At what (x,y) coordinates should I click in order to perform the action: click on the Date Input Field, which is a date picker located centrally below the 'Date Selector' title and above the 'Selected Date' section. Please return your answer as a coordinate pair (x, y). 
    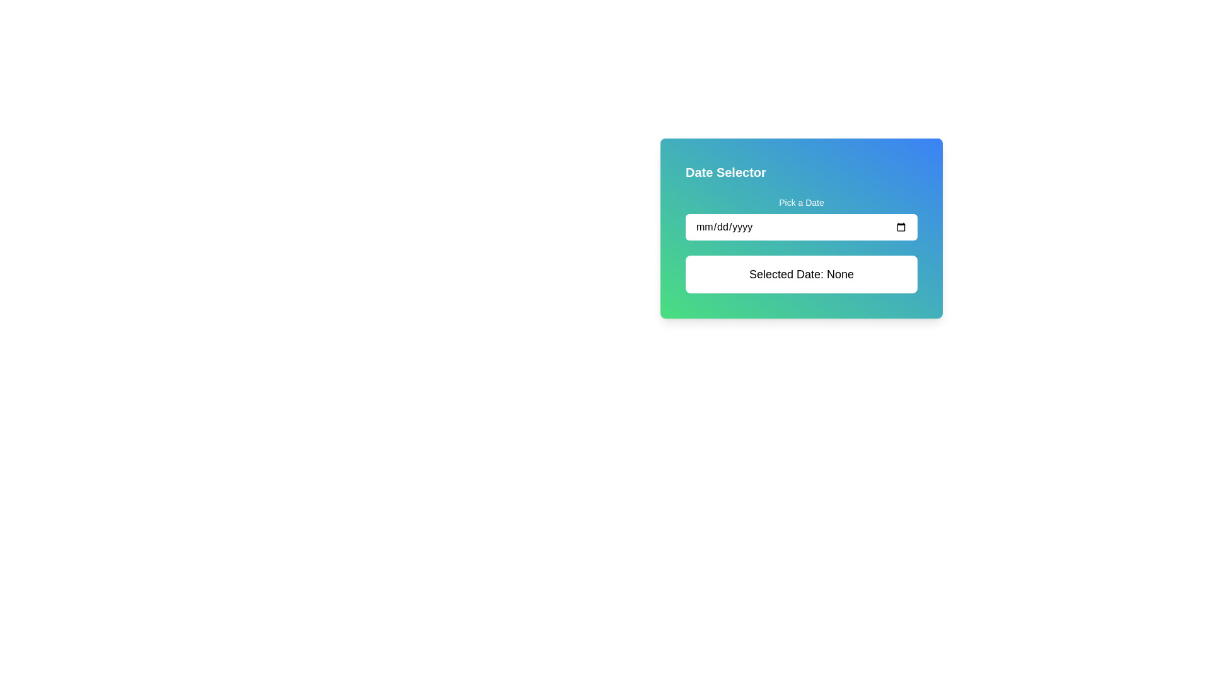
    Looking at the image, I should click on (801, 218).